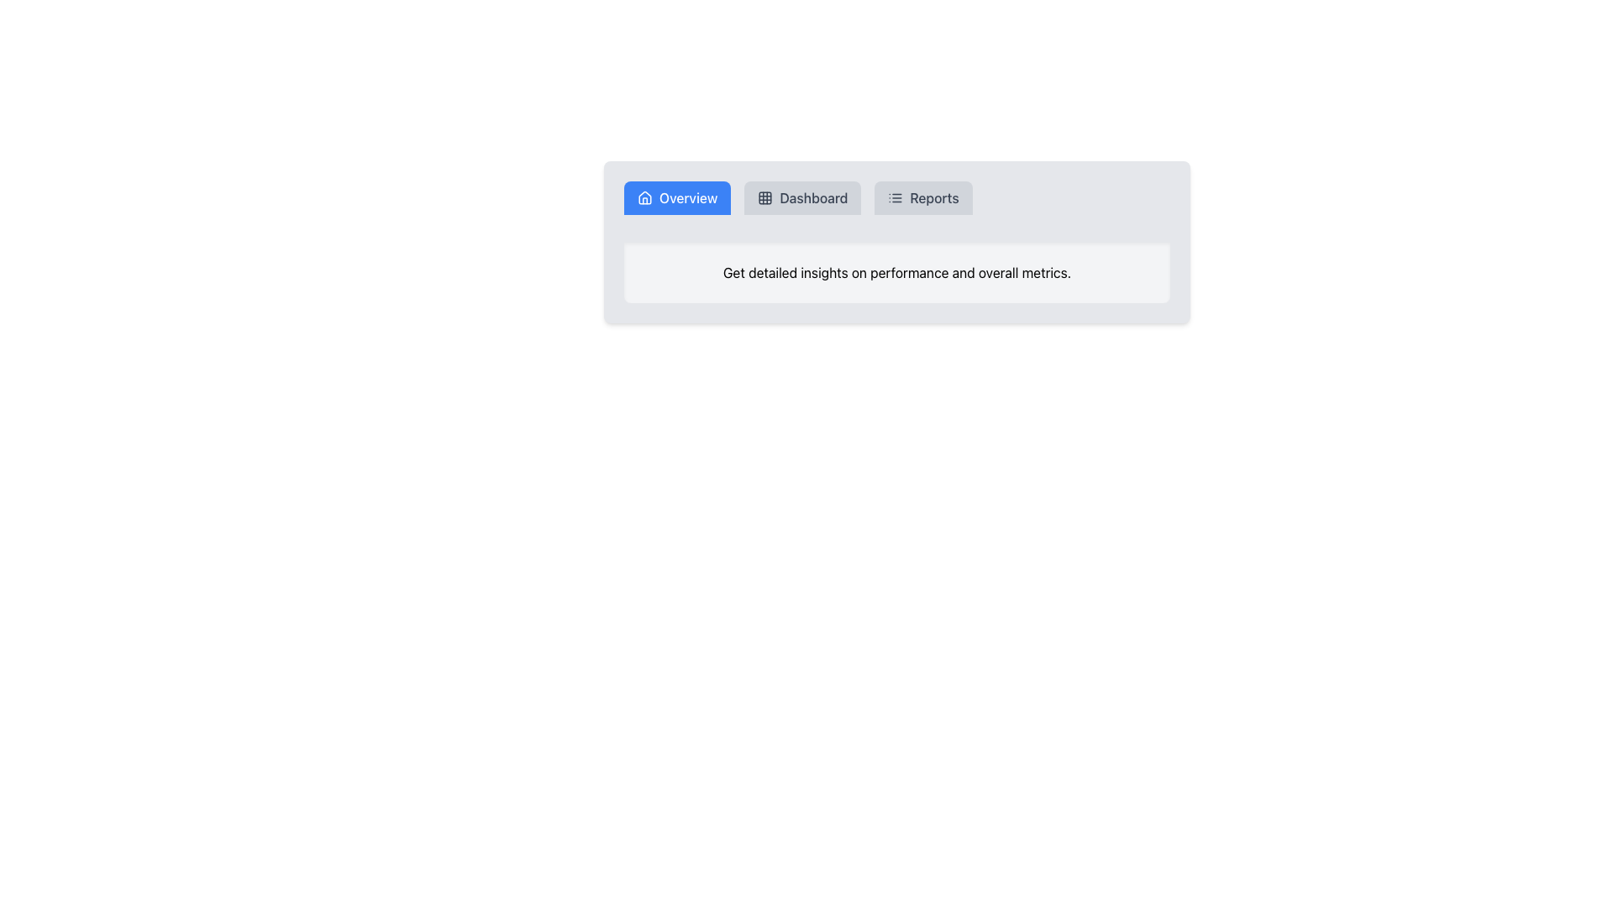 This screenshot has width=1613, height=907. What do you see at coordinates (644, 197) in the screenshot?
I see `the decorative icon representing the 'Overview' section, which is located centrally within the 'Overview' tab in the top-left segment of the interface` at bounding box center [644, 197].